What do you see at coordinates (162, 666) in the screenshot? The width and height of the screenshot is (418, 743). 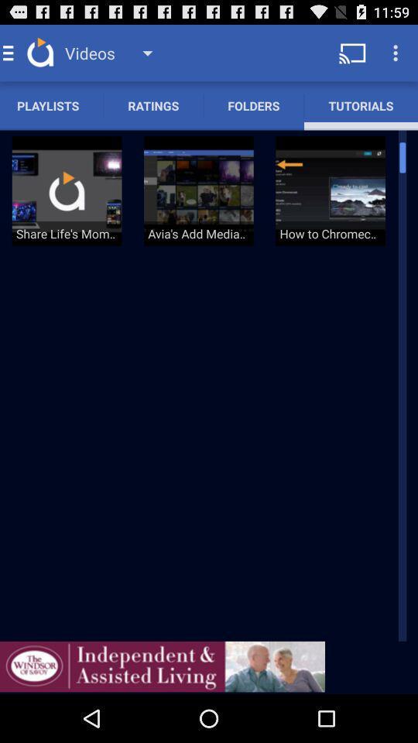 I see `advatisment paga` at bounding box center [162, 666].